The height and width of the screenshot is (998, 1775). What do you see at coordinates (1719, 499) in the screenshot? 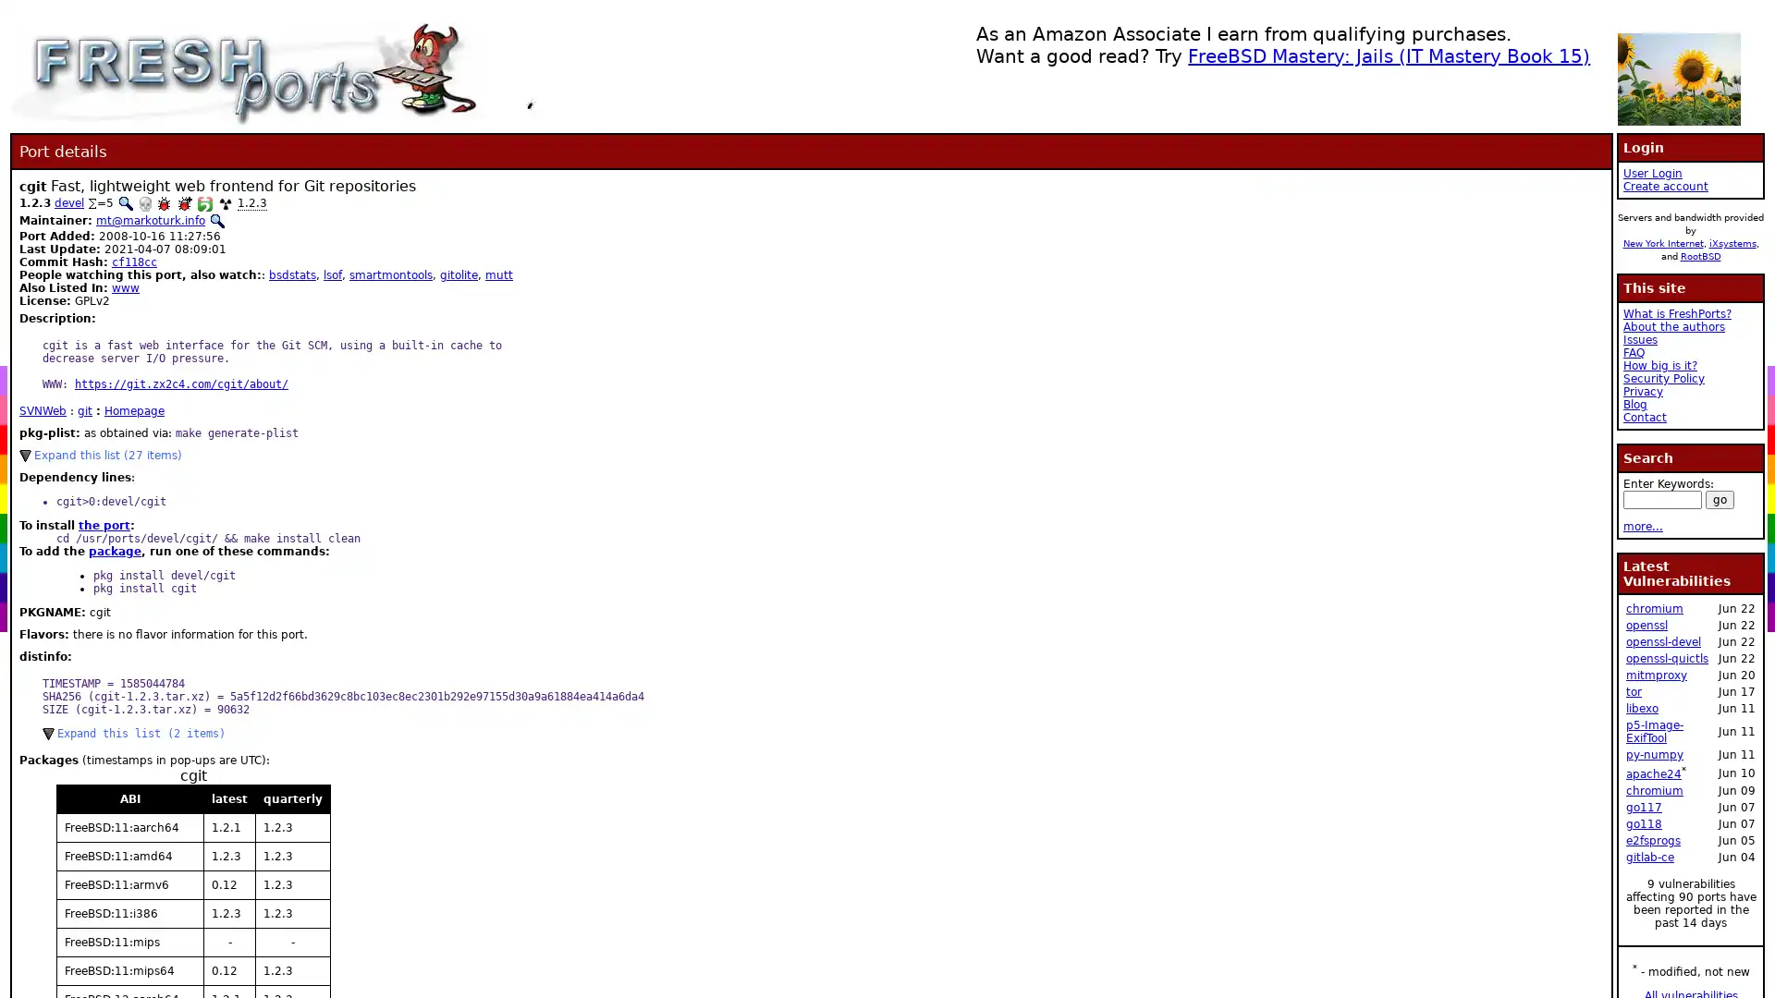
I see `go` at bounding box center [1719, 499].